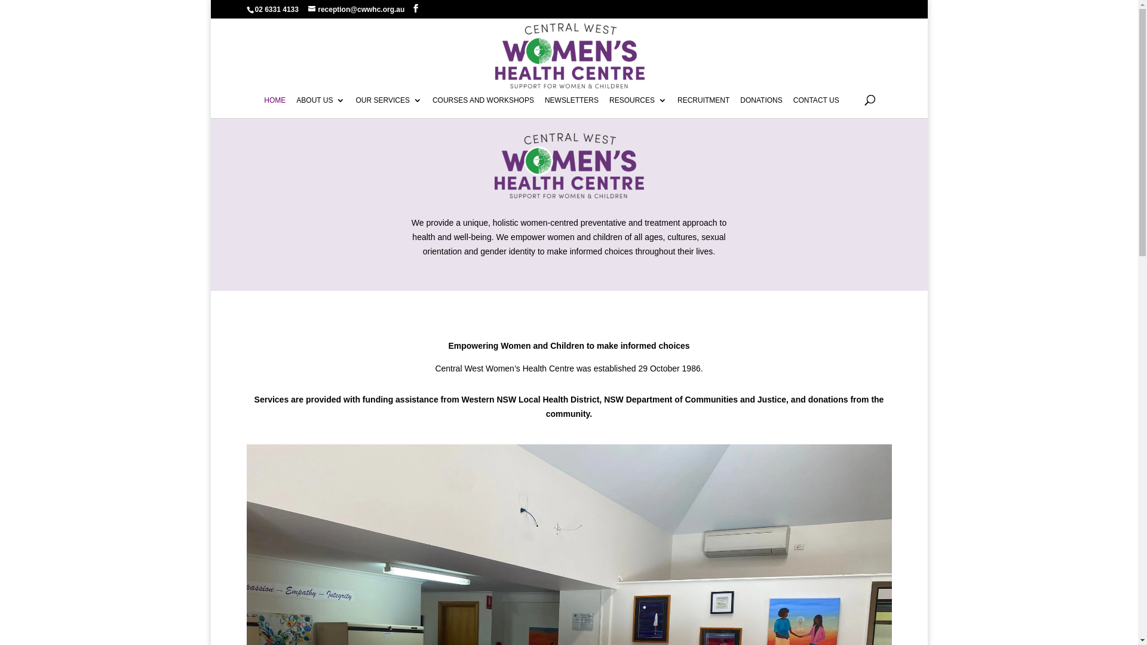 This screenshot has width=1147, height=645. I want to click on 'reception@cwwhc.org.au', so click(355, 9).